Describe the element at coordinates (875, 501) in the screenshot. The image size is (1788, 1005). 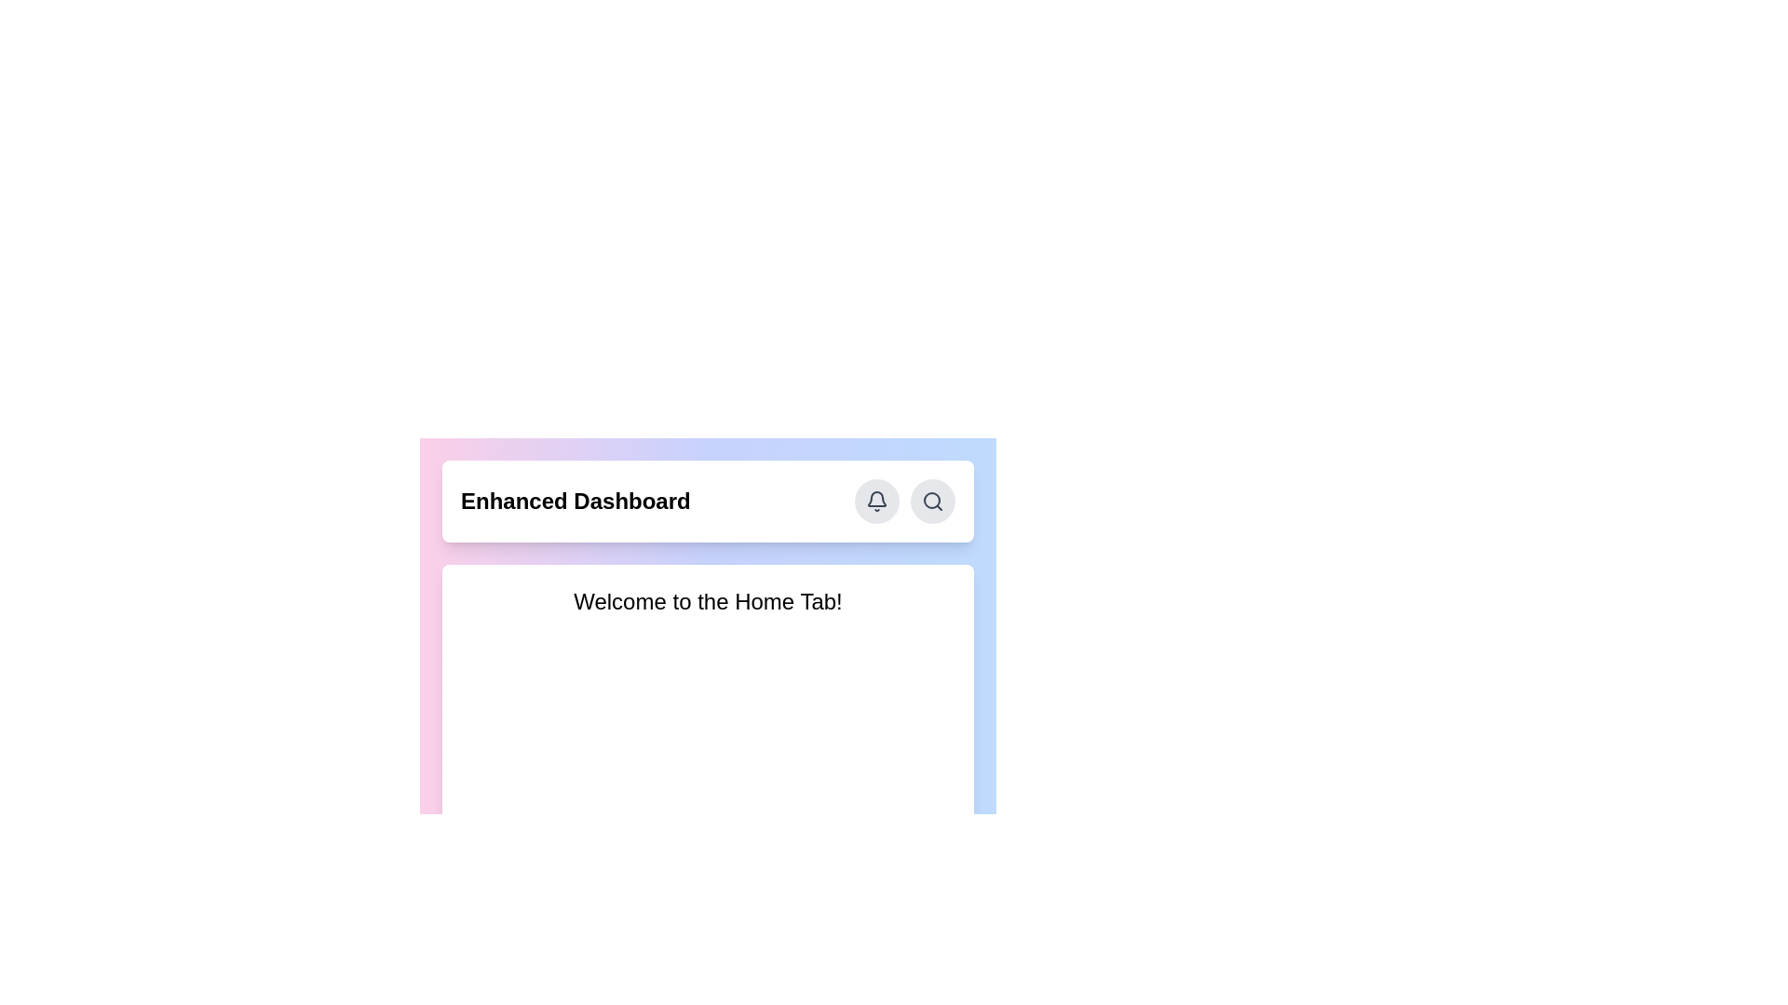
I see `the circular button with a gray background and a bell icon located in the top-right section of the header area to possibly see a tooltip or animation` at that location.